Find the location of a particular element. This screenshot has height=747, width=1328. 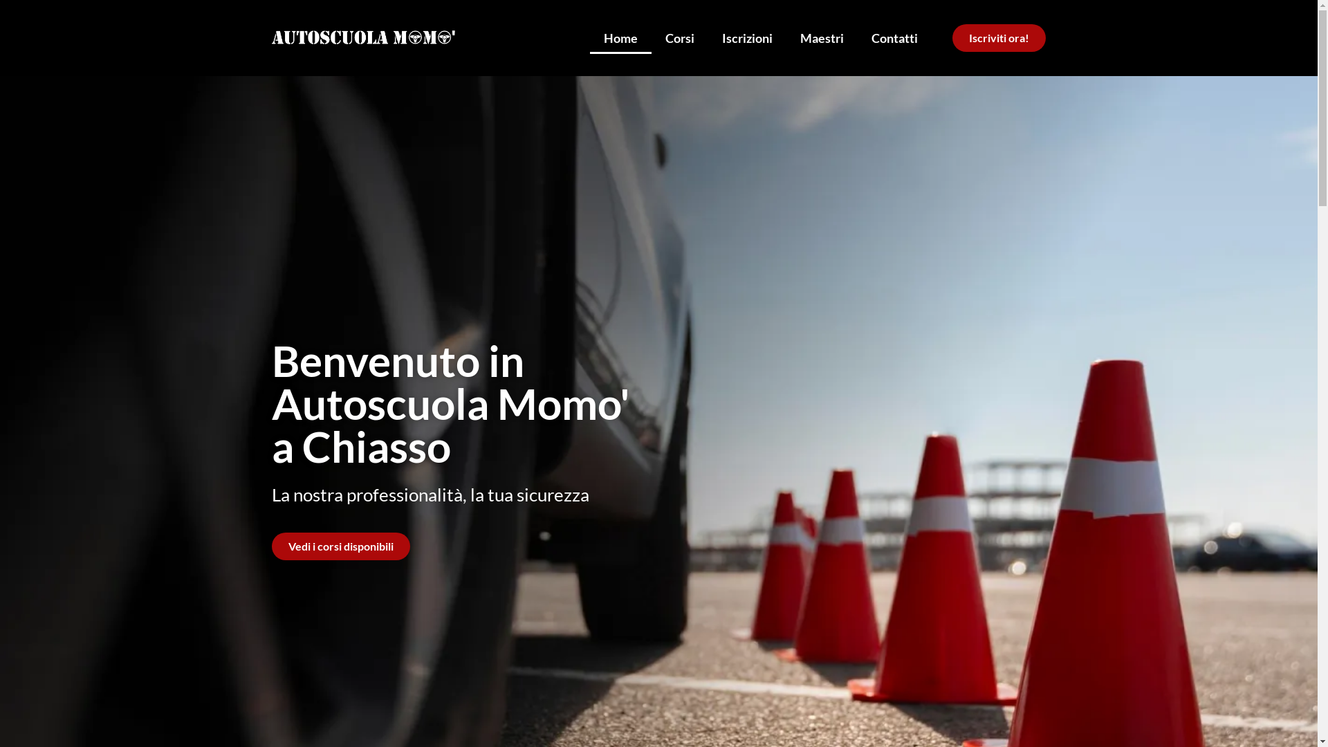

'Iscriviti ora!' is located at coordinates (952, 37).